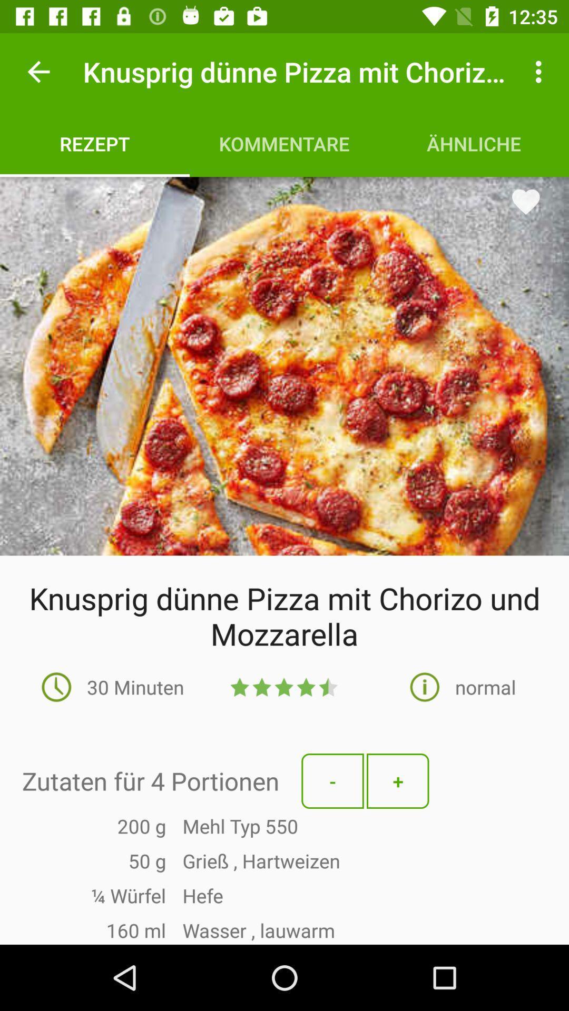 The image size is (569, 1011). What do you see at coordinates (38, 71) in the screenshot?
I see `the item above the rezept icon` at bounding box center [38, 71].